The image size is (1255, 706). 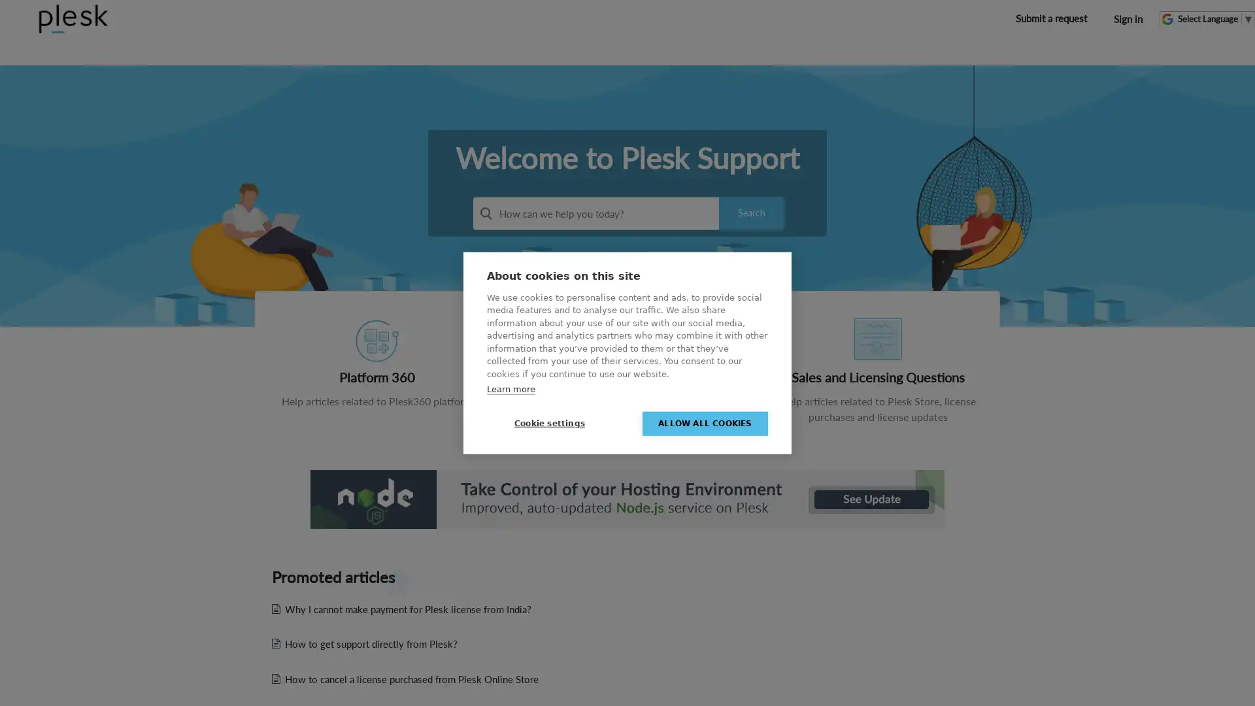 I want to click on ALLOW ALL COOKIES, so click(x=705, y=423).